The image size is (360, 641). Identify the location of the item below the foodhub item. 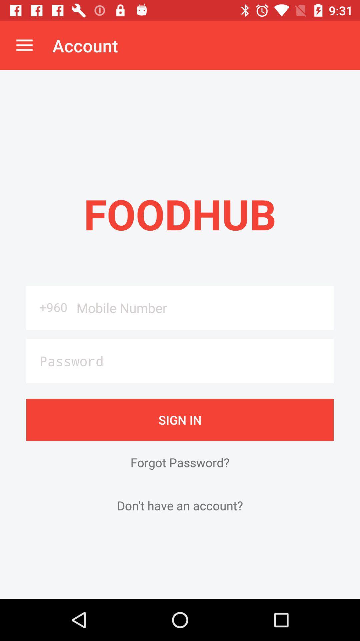
(202, 307).